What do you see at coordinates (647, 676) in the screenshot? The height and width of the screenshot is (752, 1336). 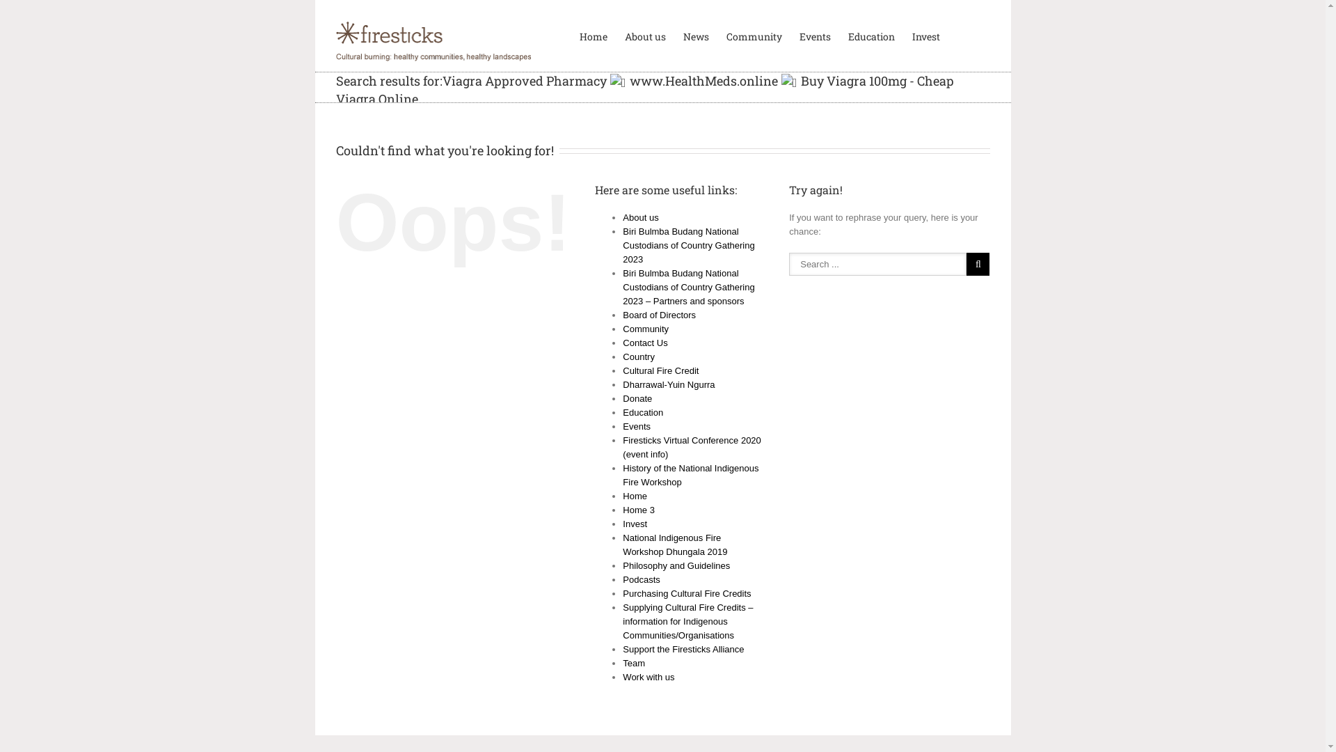 I see `'Work with us'` at bounding box center [647, 676].